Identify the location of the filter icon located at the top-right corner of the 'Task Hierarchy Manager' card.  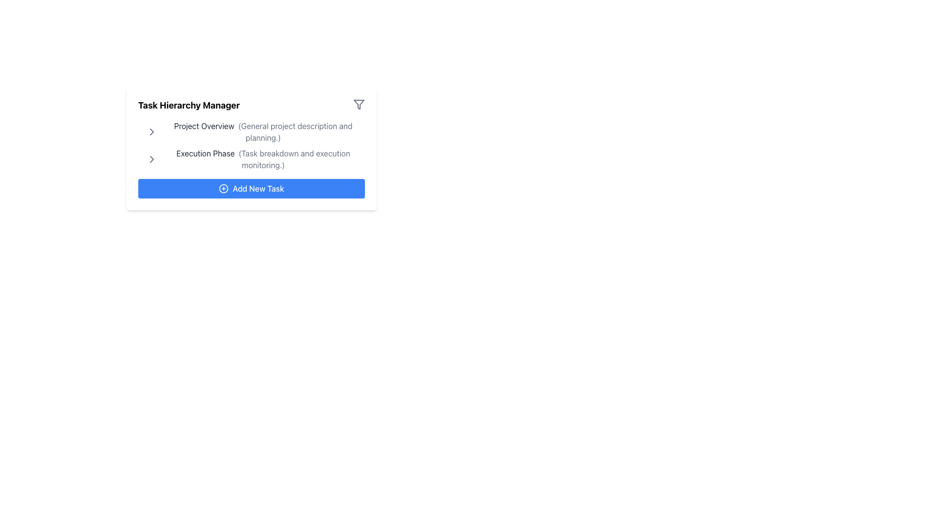
(358, 104).